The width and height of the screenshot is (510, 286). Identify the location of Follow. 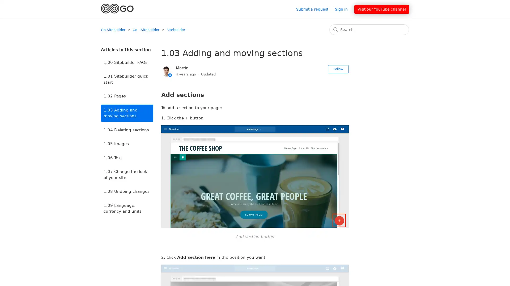
(338, 69).